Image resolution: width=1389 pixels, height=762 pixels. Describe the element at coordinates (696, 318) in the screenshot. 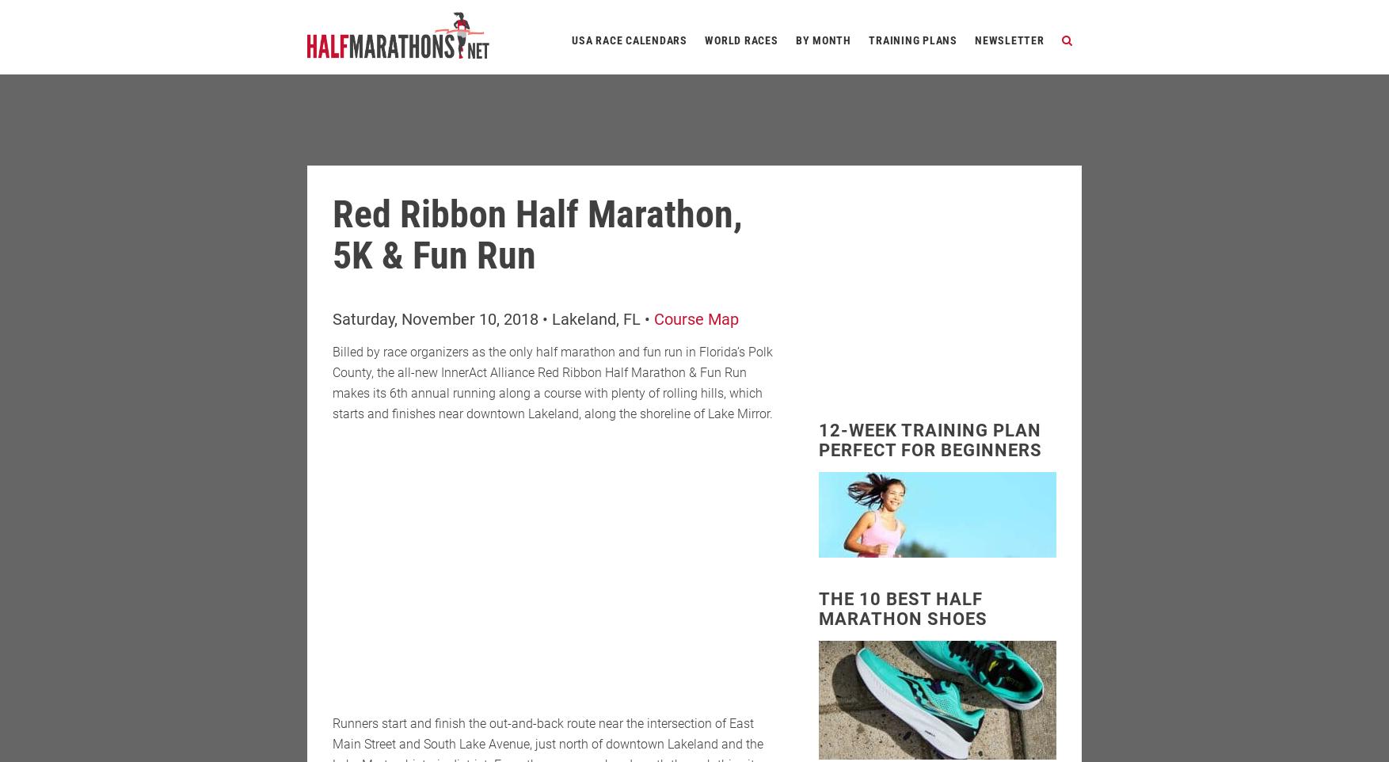

I see `'Course Map'` at that location.